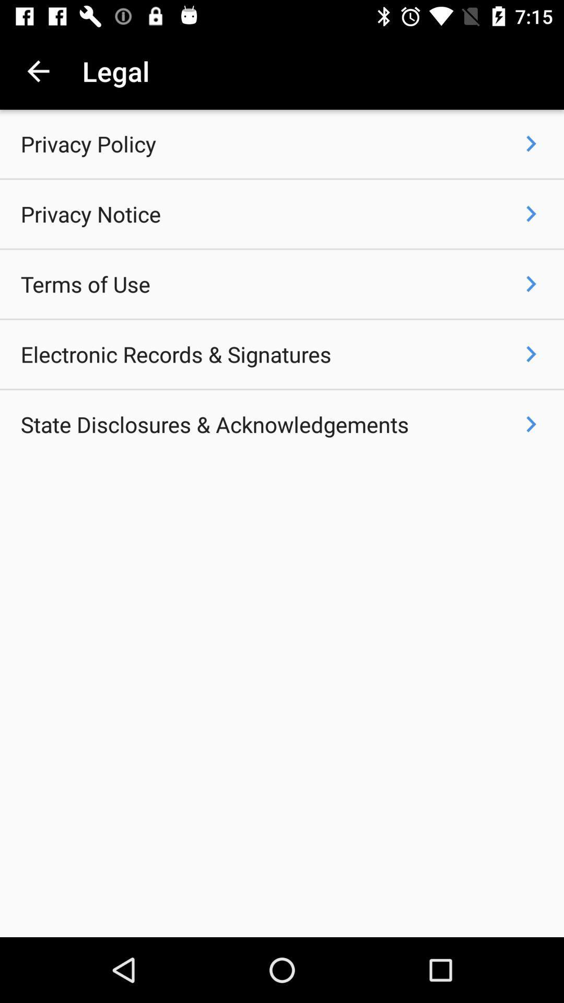 The height and width of the screenshot is (1003, 564). What do you see at coordinates (38, 71) in the screenshot?
I see `app next to legal item` at bounding box center [38, 71].